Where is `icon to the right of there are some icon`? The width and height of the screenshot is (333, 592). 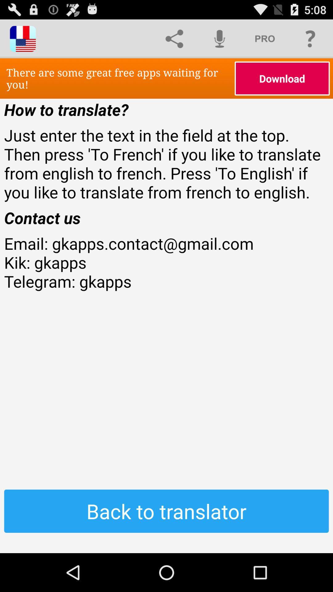 icon to the right of there are some icon is located at coordinates (282, 78).